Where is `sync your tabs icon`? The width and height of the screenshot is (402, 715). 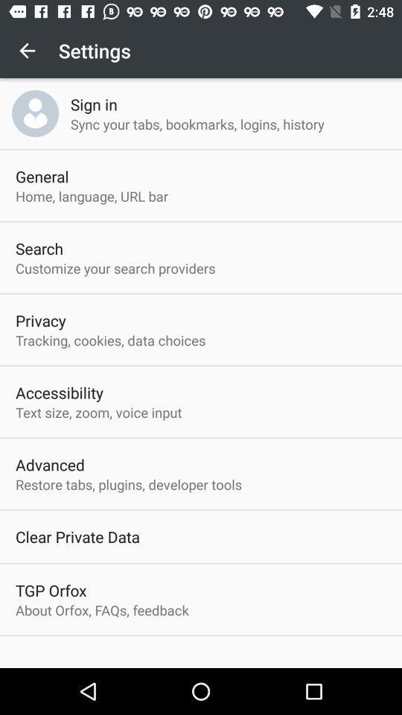
sync your tabs icon is located at coordinates (197, 123).